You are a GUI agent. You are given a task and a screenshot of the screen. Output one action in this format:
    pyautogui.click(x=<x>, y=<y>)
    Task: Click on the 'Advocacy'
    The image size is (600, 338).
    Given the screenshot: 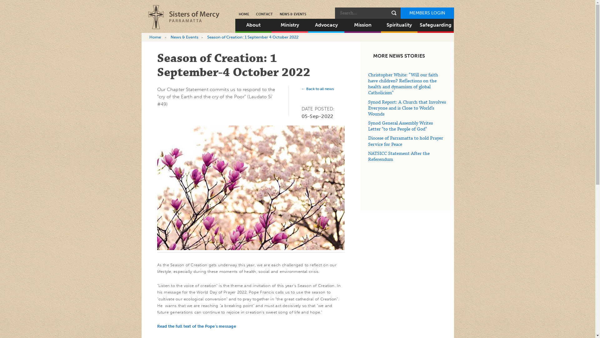 What is the action you would take?
    pyautogui.click(x=308, y=25)
    